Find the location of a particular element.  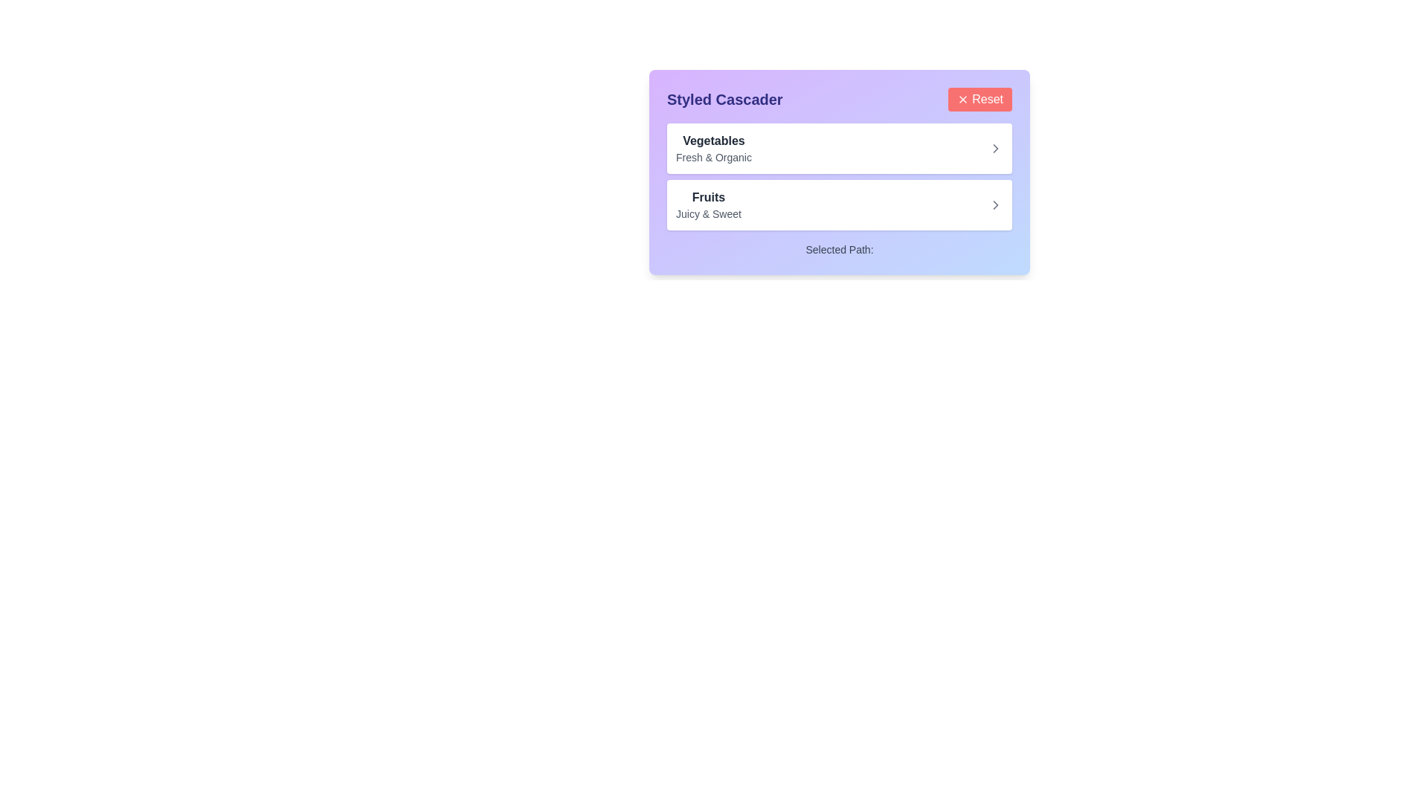

the 'Vegetables' text label, which indicates the category within the menu and is positioned above 'Fresh & Organic' is located at coordinates (714, 141).